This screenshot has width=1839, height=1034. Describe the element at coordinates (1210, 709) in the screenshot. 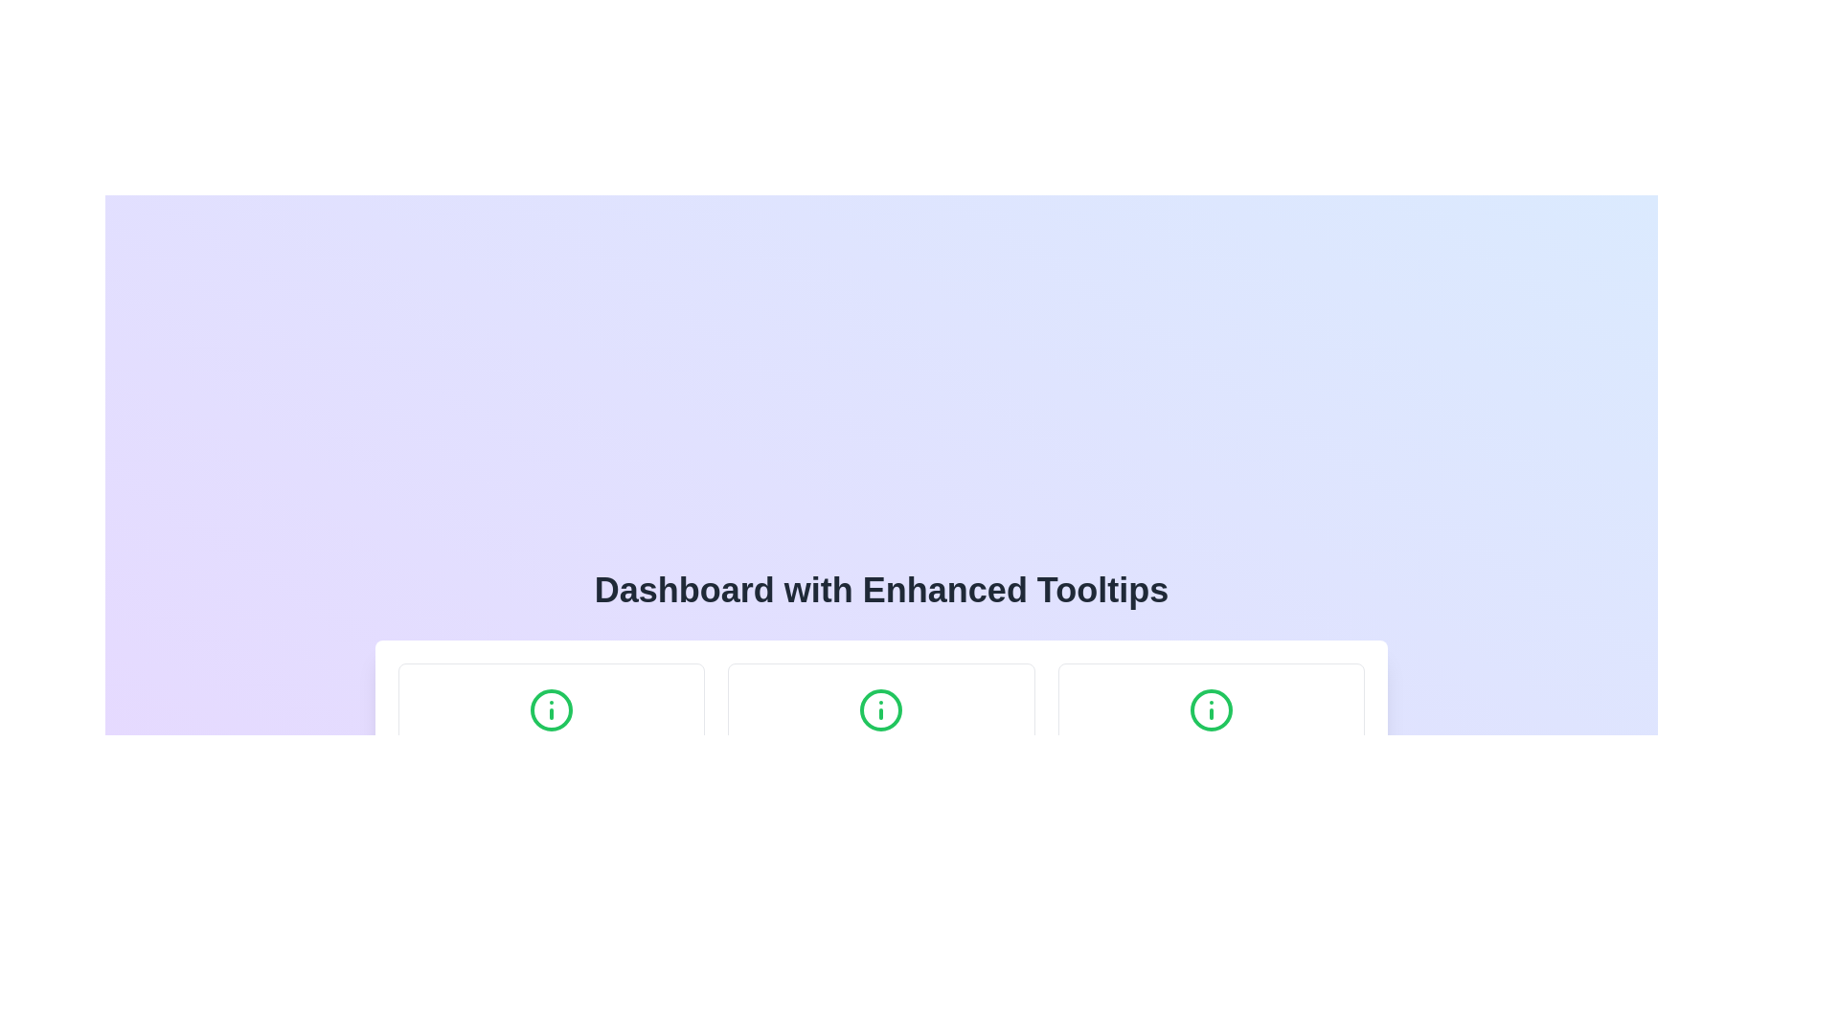

I see `the central part of the rightmost information icon represented by a decorative SVG Circle for visual interaction` at that location.